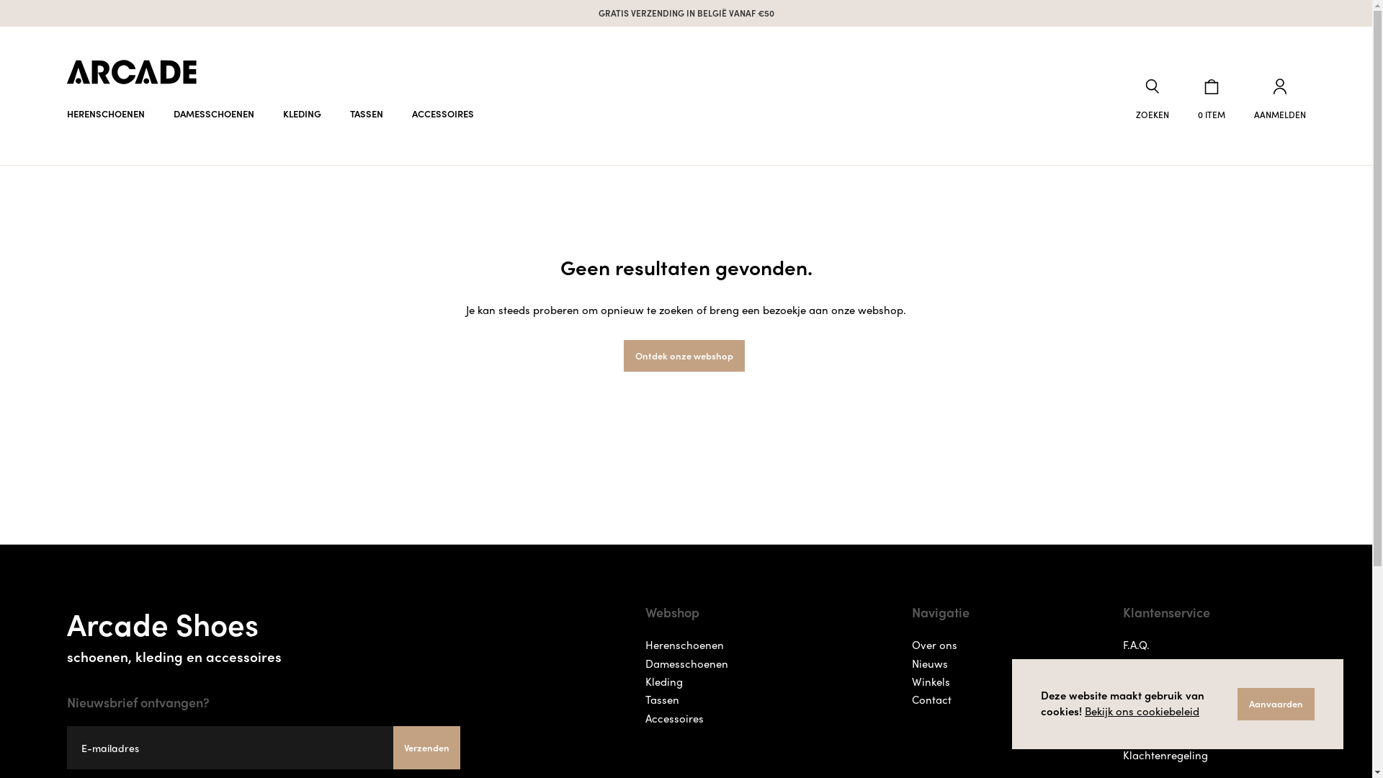 The width and height of the screenshot is (1383, 778). Describe the element at coordinates (1135, 644) in the screenshot. I see `'F.A.Q.'` at that location.